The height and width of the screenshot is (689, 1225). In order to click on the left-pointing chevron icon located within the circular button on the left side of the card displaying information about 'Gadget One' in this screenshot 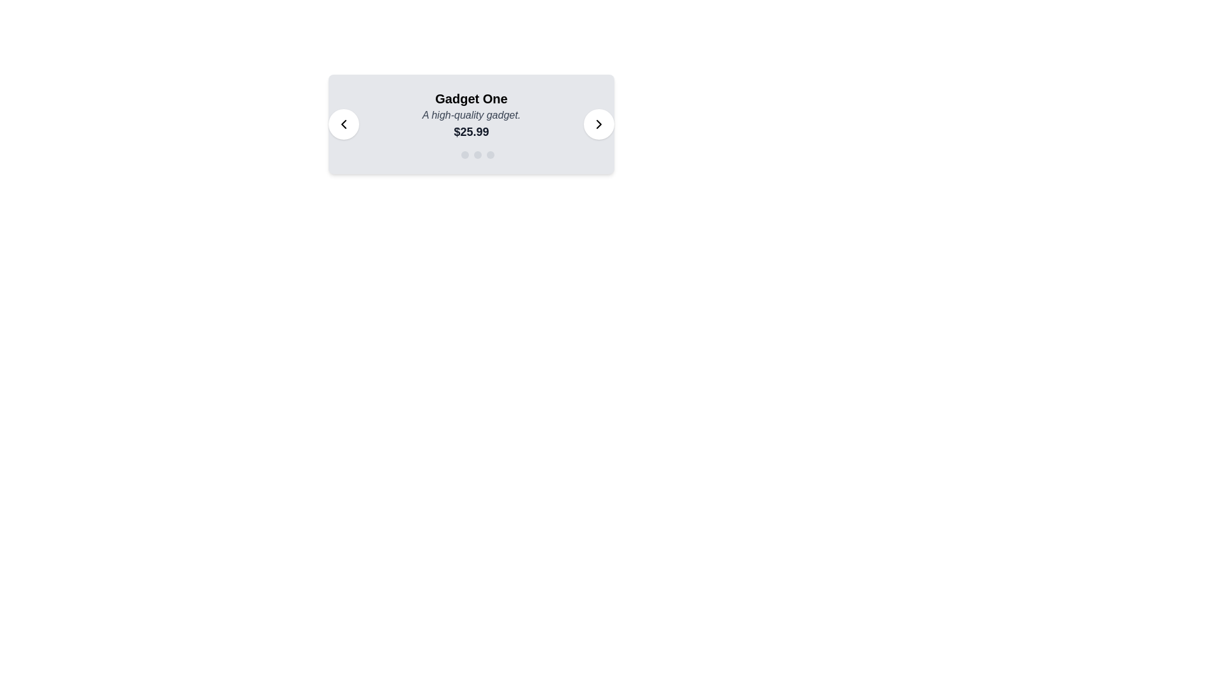, I will do `click(343, 124)`.